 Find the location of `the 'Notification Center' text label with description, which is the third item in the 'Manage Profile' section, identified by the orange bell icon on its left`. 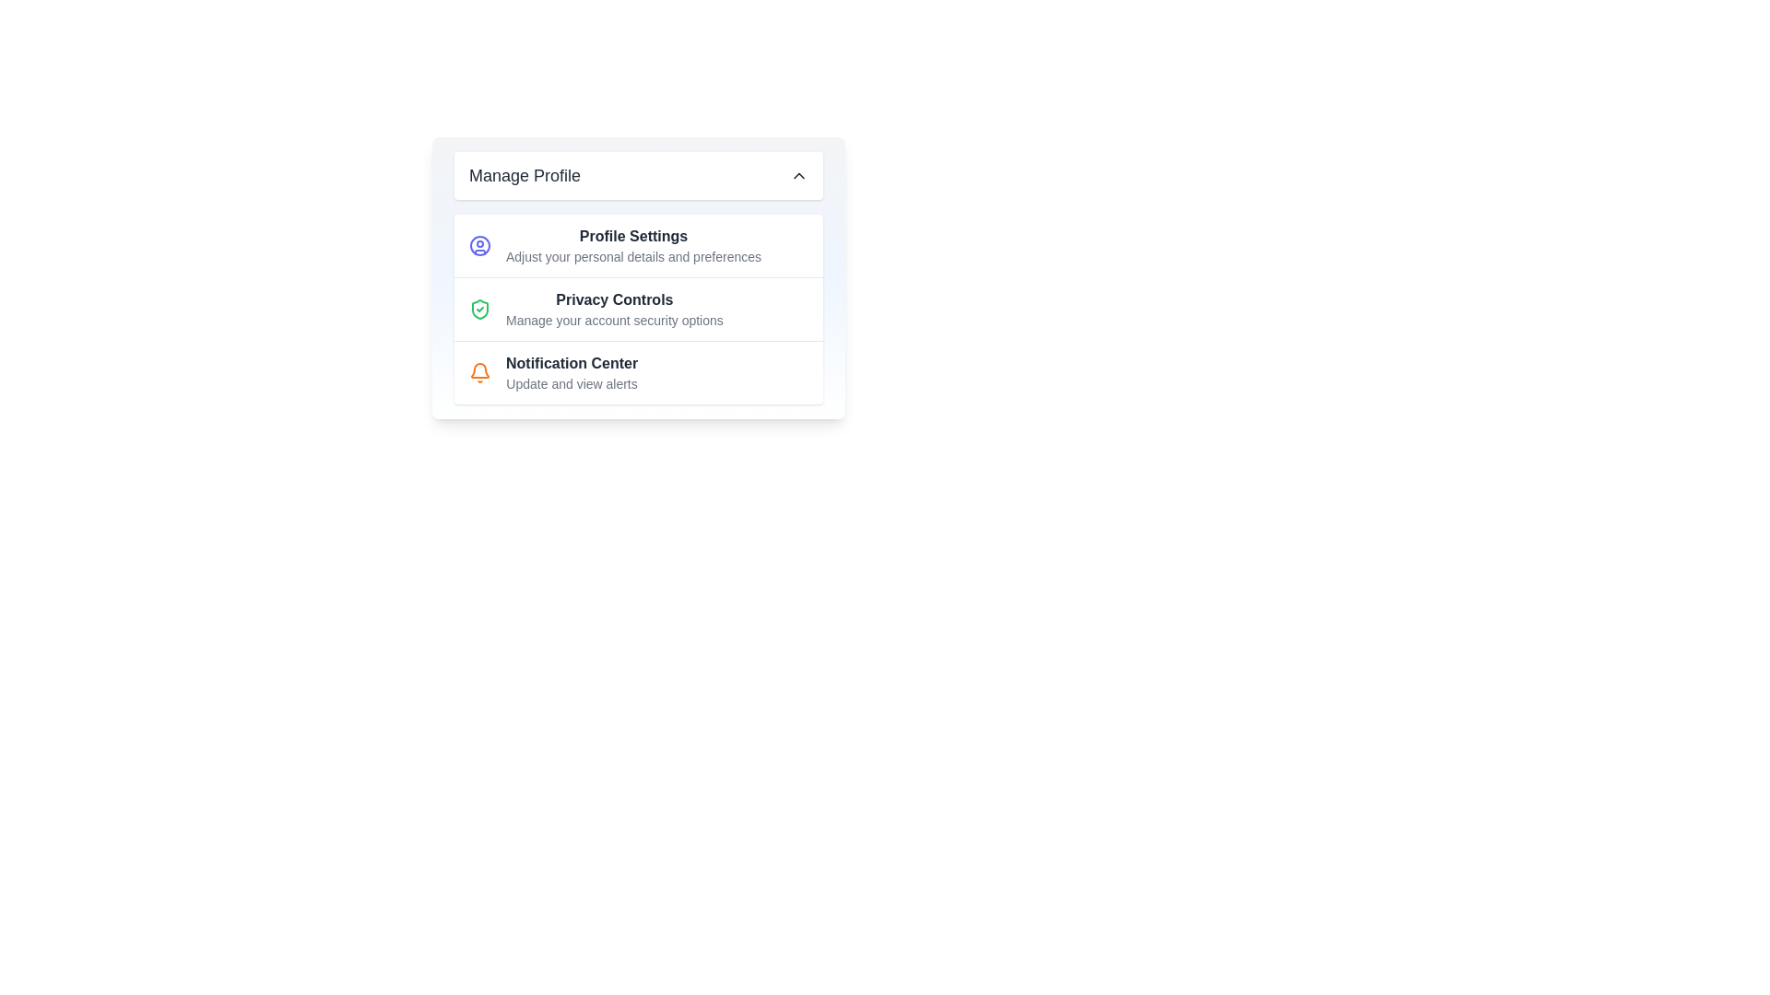

the 'Notification Center' text label with description, which is the third item in the 'Manage Profile' section, identified by the orange bell icon on its left is located at coordinates (571, 373).